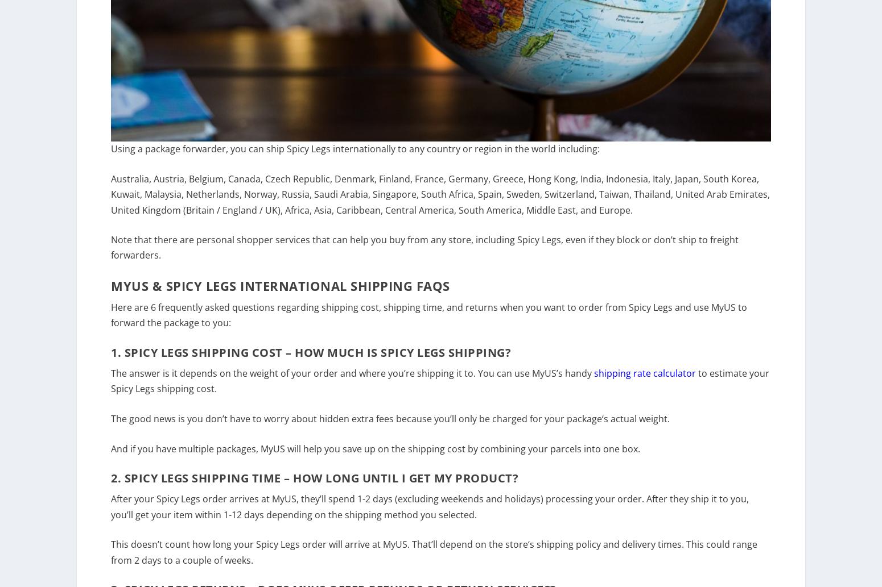  I want to click on 'arrives at MyUS, they’ll spend 1-2 days (excluding weekends and holidays) processing your', so click(226, 506).